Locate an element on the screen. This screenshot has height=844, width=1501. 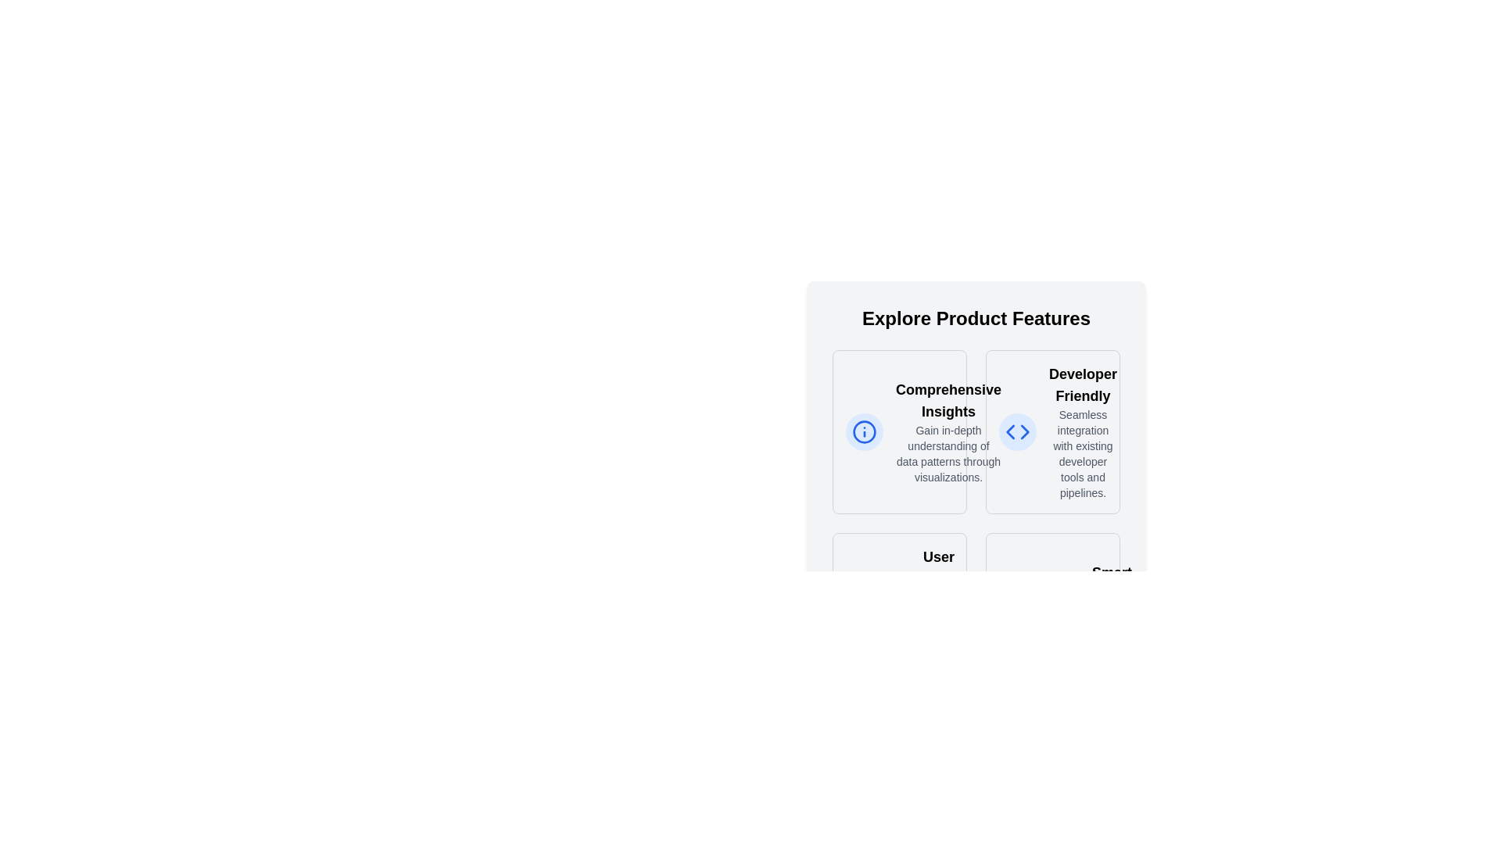
the large, bold heading text 'Explore Product Features' which is centered at the top of its section, styled in black font within a light gray rounded rectangle is located at coordinates (975, 318).